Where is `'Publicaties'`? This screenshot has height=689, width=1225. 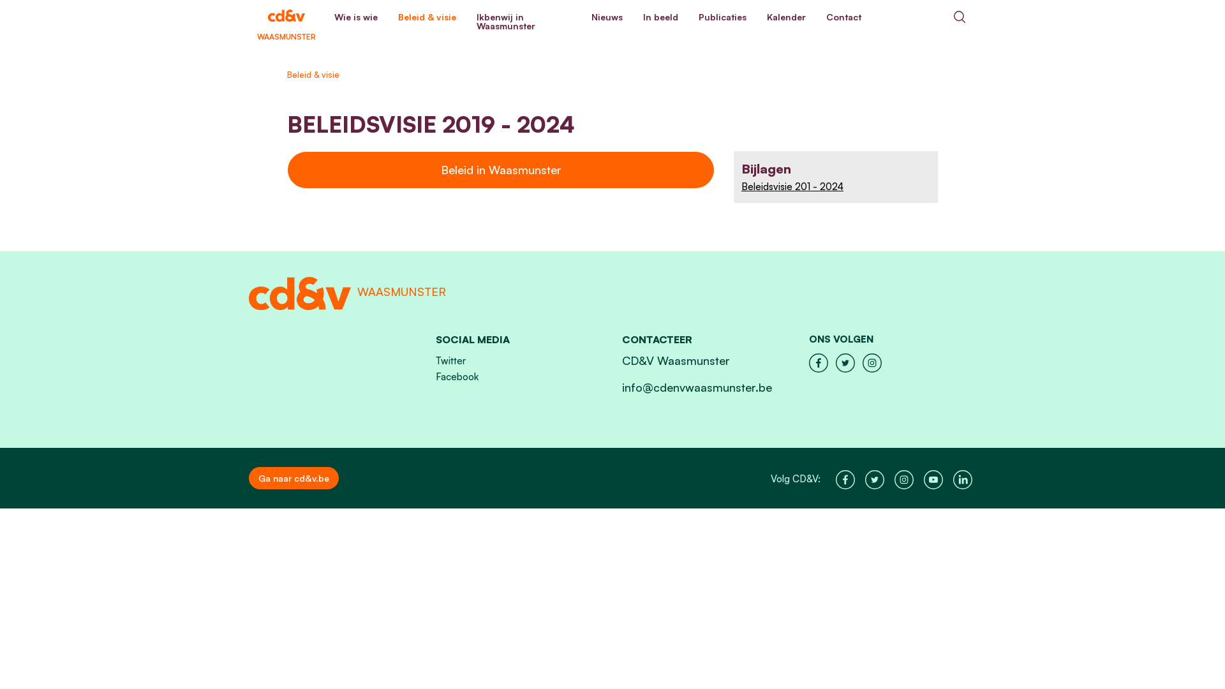
'Publicaties' is located at coordinates (722, 17).